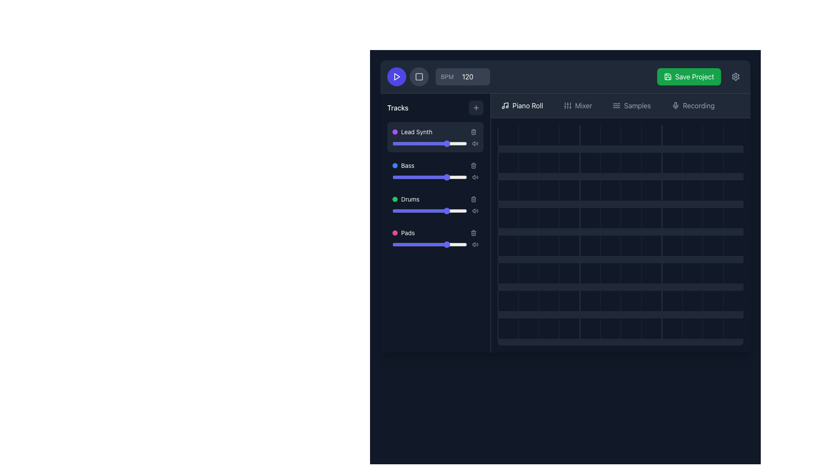  I want to click on the empty grid cell located in the bottom right corner of the grid layout, which has a dark gray background and no visible decorations, so click(733, 300).